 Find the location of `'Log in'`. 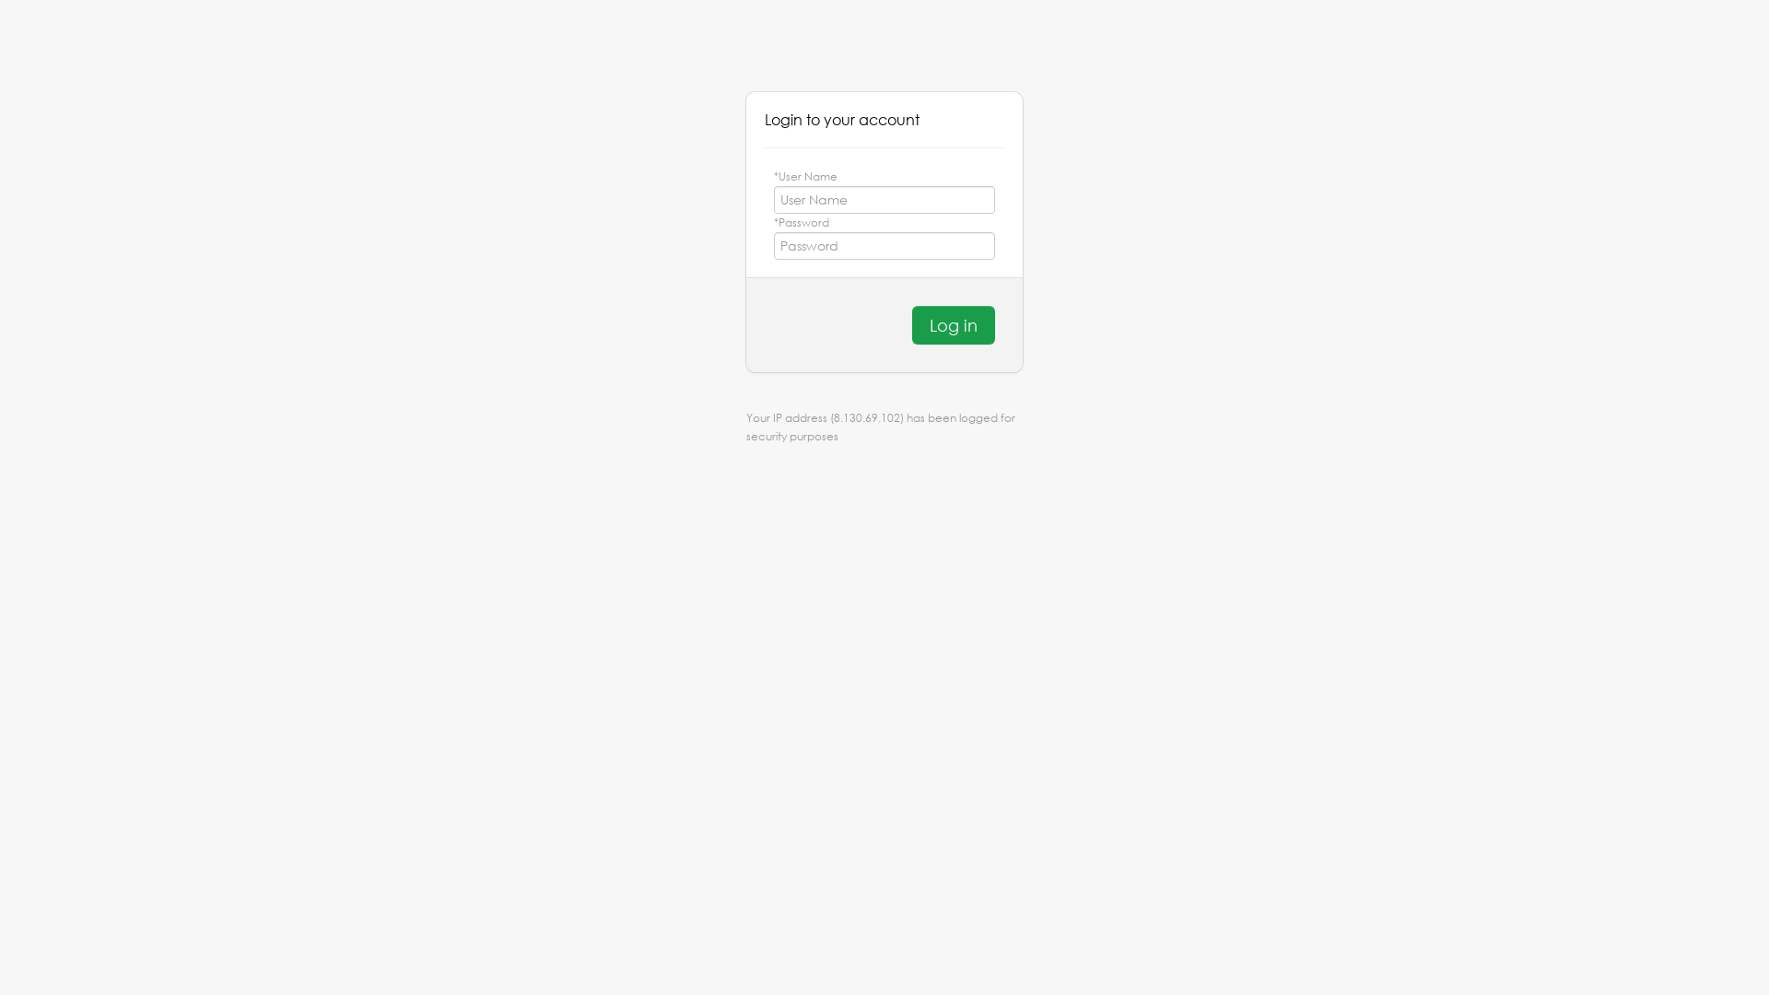

'Log in' is located at coordinates (911, 324).